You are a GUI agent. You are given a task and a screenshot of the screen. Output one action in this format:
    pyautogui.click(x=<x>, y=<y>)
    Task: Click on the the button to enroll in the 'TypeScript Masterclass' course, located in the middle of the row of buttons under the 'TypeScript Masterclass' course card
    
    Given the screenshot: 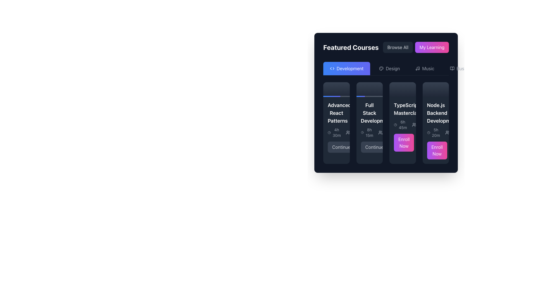 What is the action you would take?
    pyautogui.click(x=404, y=142)
    